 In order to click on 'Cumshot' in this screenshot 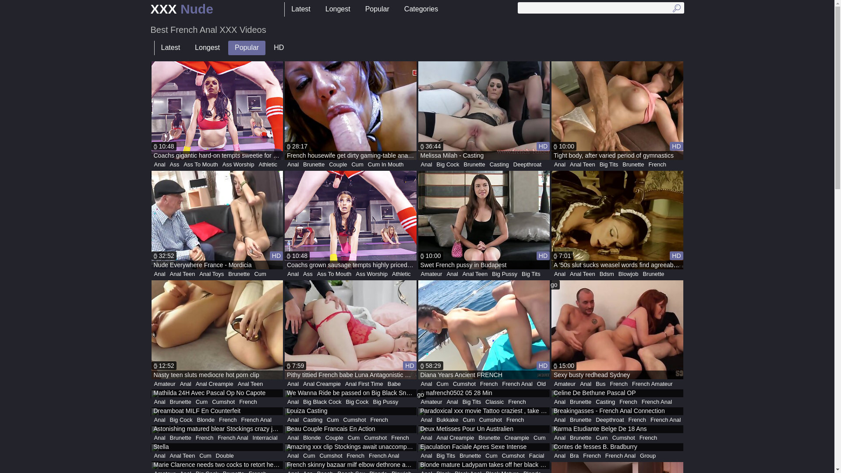, I will do `click(375, 438)`.